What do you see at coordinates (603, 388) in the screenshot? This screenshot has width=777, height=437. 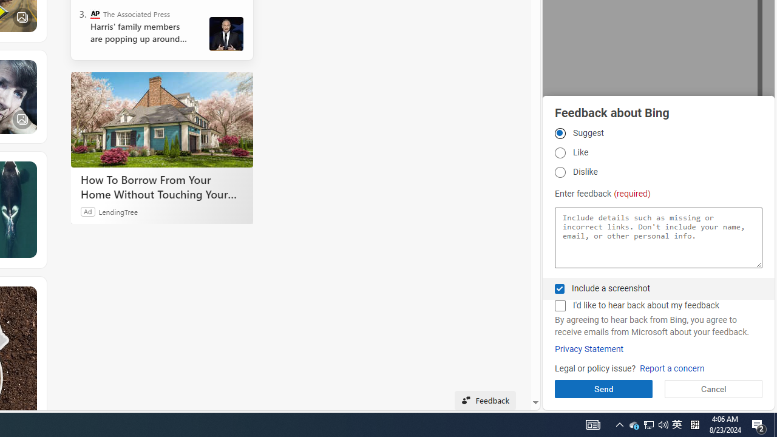 I see `'Send'` at bounding box center [603, 388].